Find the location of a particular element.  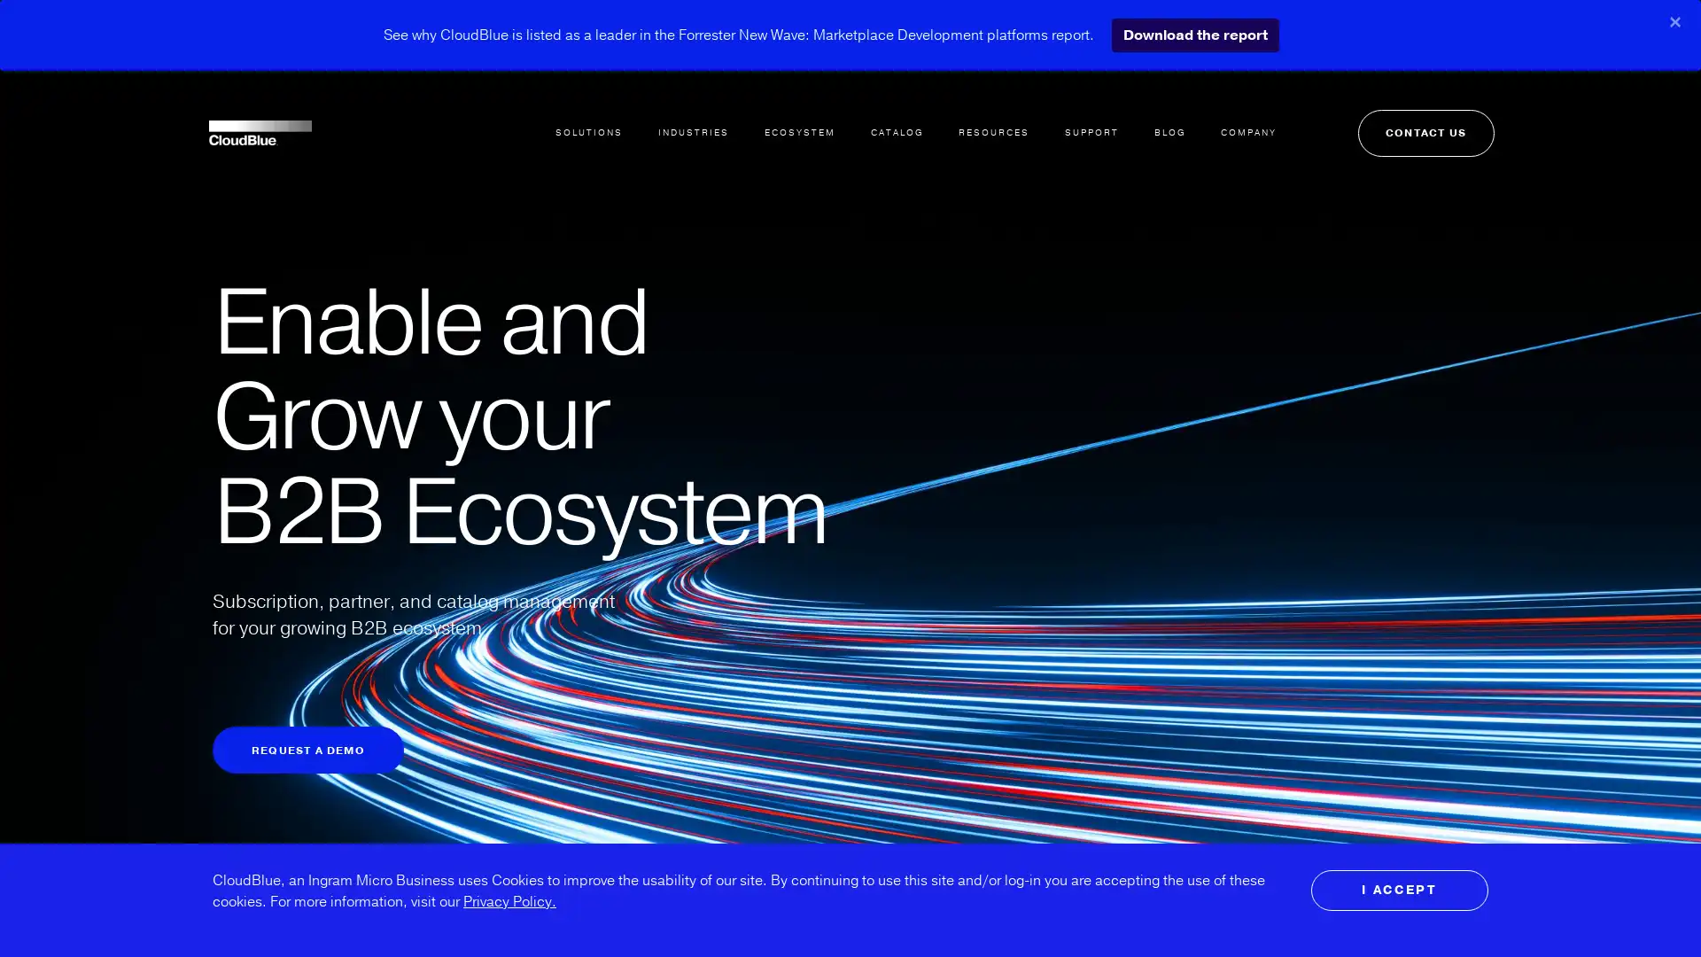

Download the report is located at coordinates (1194, 35).